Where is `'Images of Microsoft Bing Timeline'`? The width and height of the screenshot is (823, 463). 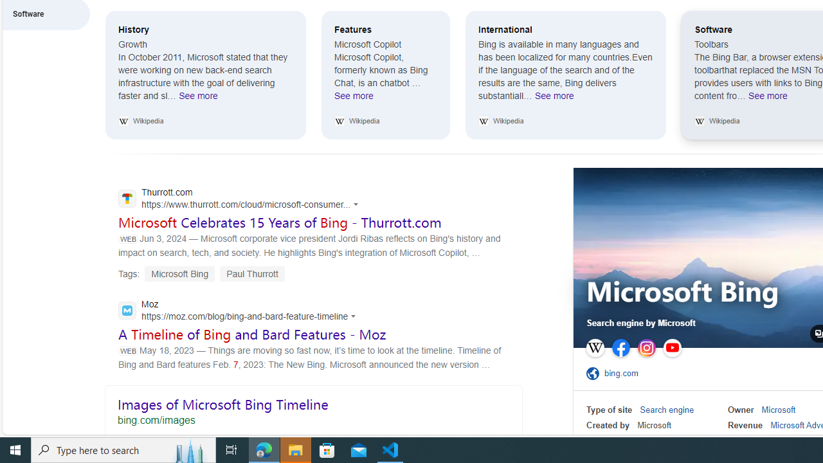 'Images of Microsoft Bing Timeline' is located at coordinates (313, 409).